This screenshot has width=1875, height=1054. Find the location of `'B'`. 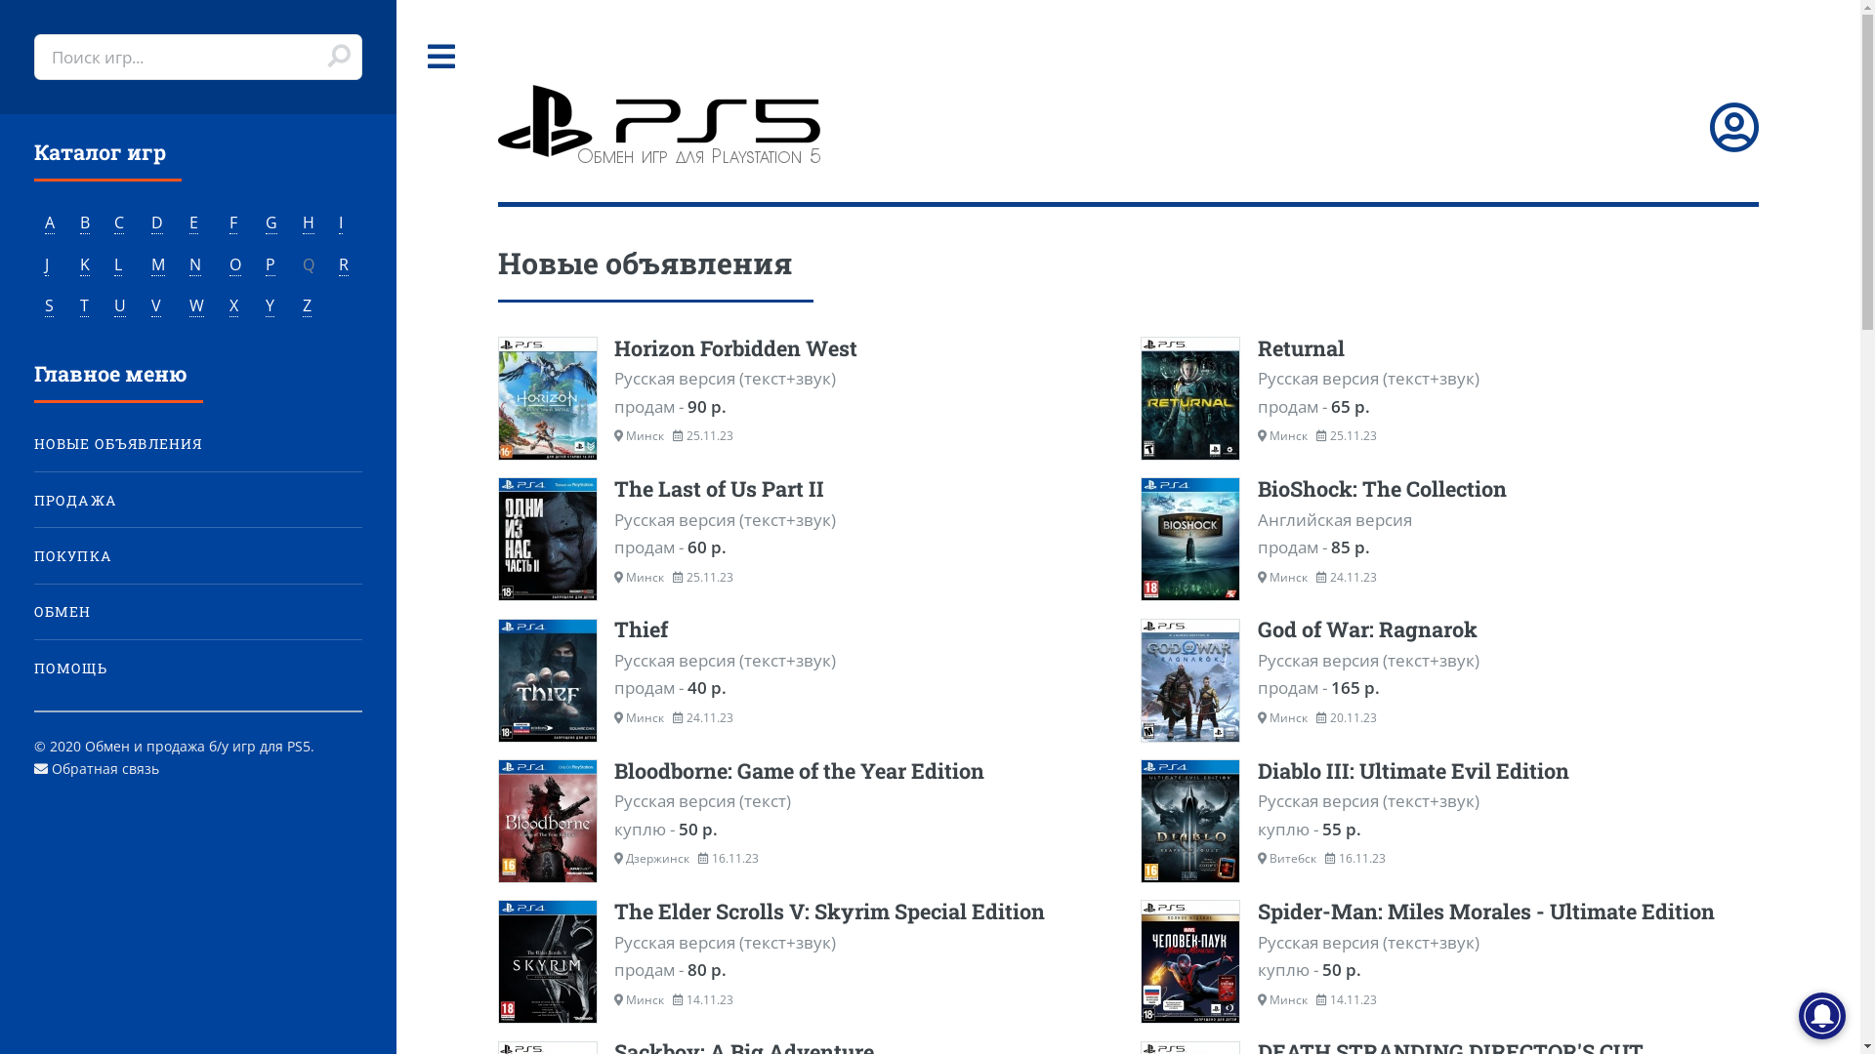

'B' is located at coordinates (83, 222).